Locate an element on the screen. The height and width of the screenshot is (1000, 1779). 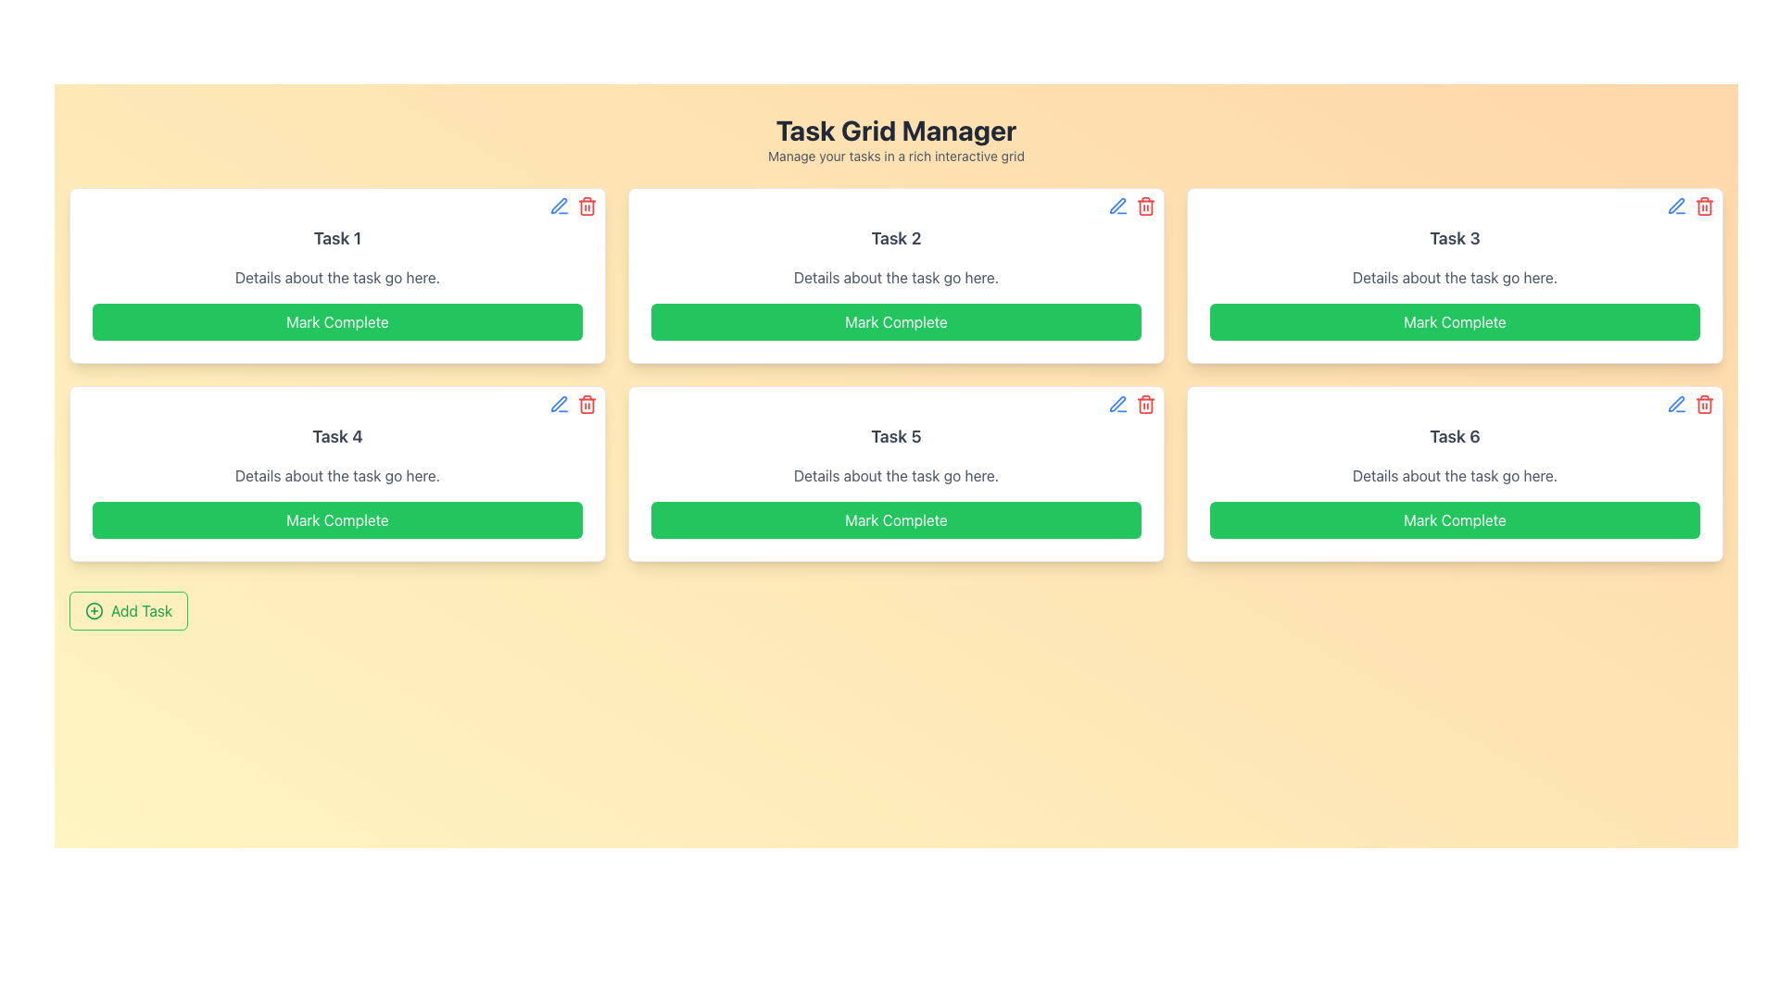
decorative blue pen icon located in the top-right corner of the 'Task 6' card within the grid layout is located at coordinates (1676, 403).